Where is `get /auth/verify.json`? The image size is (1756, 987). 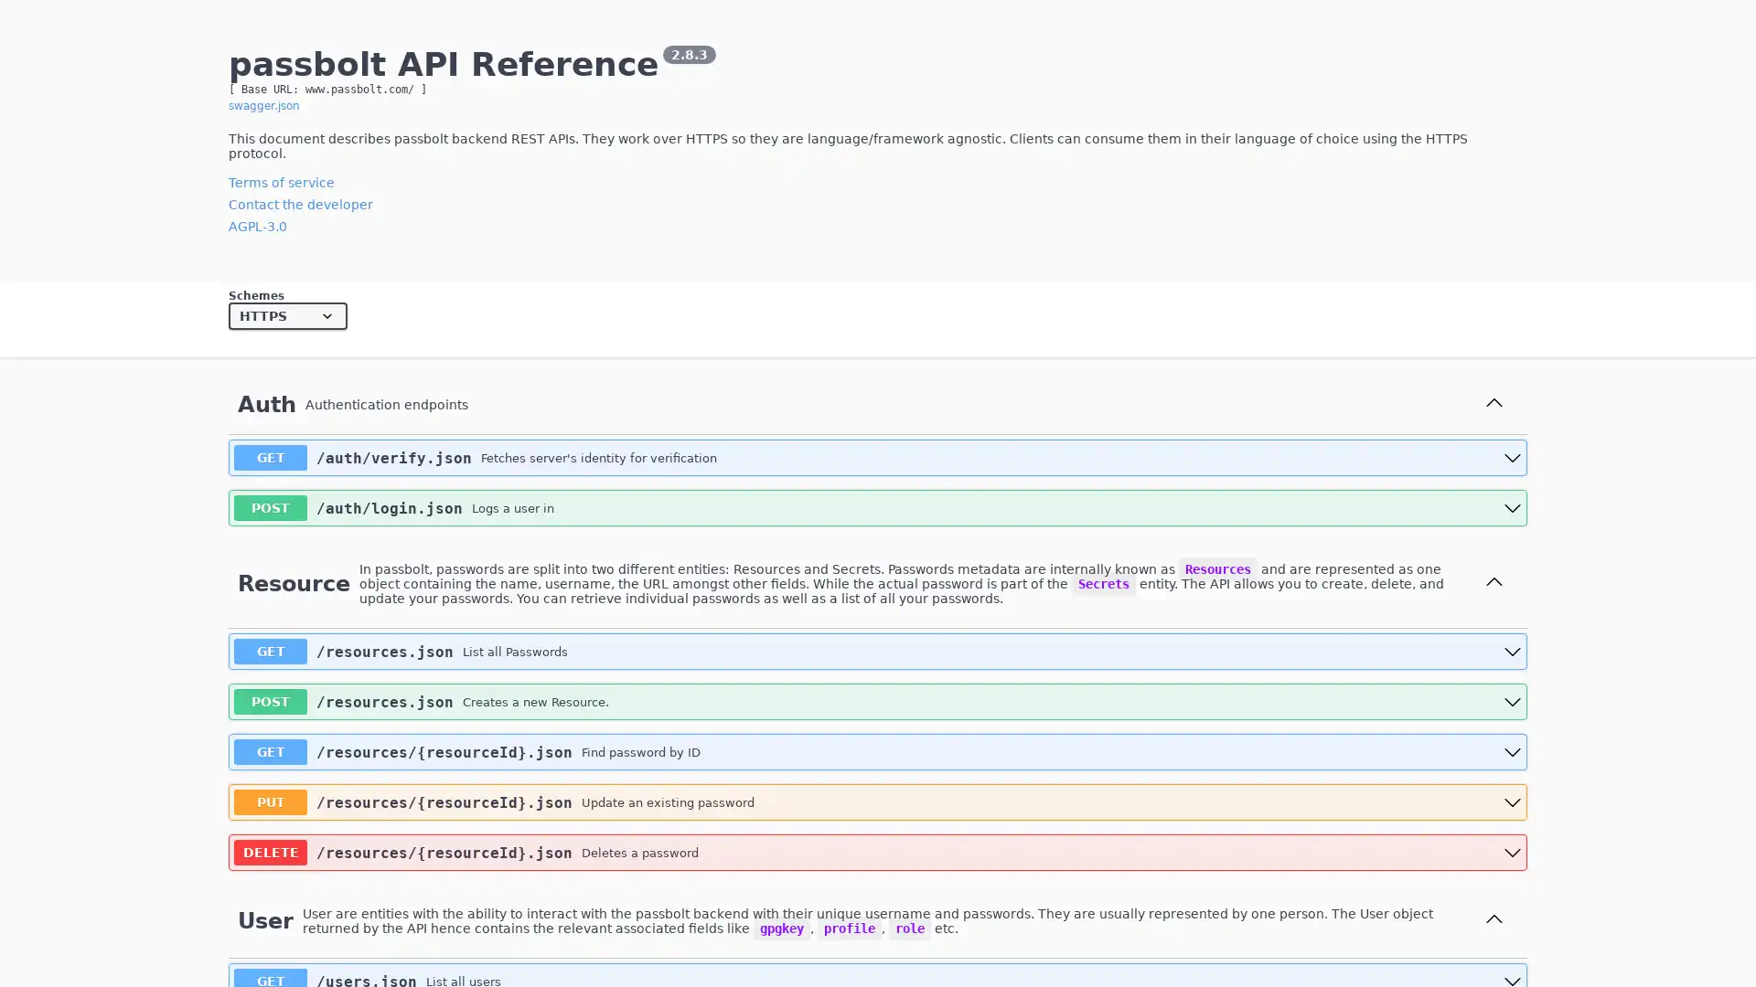
get /auth/verify.json is located at coordinates (878, 457).